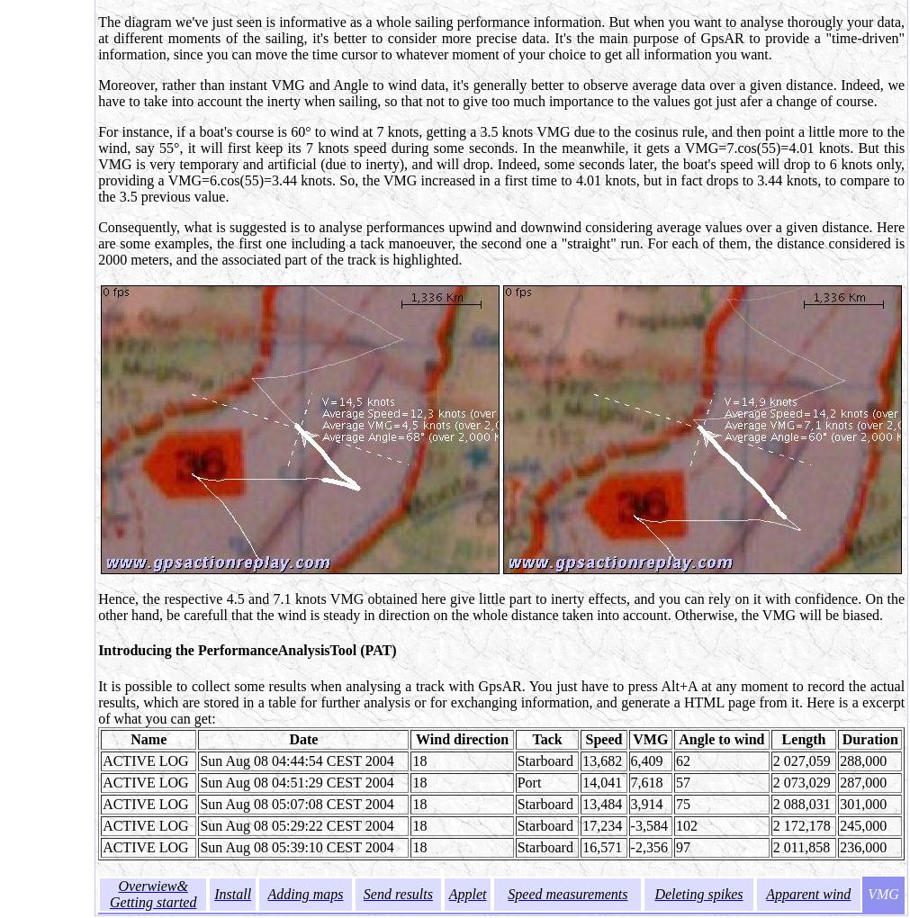 Image resolution: width=910 pixels, height=918 pixels. Describe the element at coordinates (296, 824) in the screenshot. I see `'Sun Aug 08 05:29:22 CEST 2004'` at that location.